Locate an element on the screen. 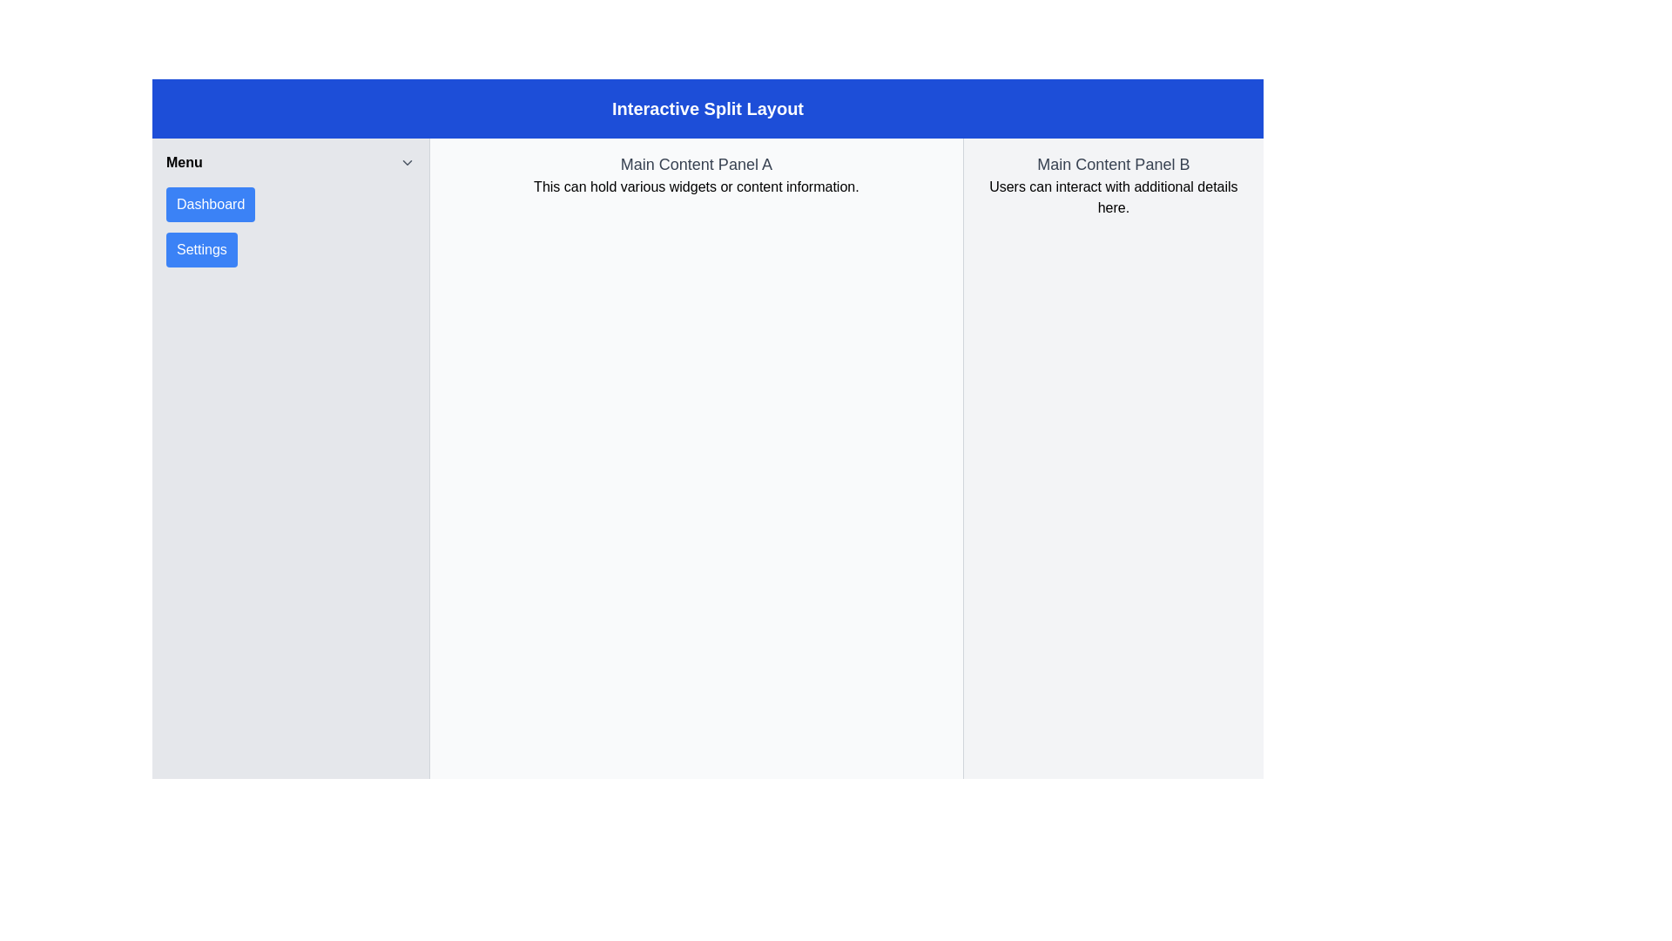 The image size is (1672, 941). the Static Display Text banner with a blue background and white text that reads 'Interactive Split Layout', positioned at the top of the interface is located at coordinates (707, 108).